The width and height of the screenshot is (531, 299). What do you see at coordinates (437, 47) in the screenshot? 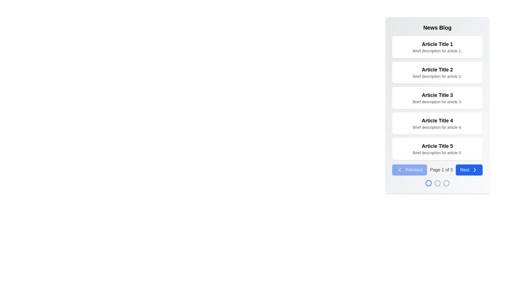
I see `the first card in the vertical list` at bounding box center [437, 47].